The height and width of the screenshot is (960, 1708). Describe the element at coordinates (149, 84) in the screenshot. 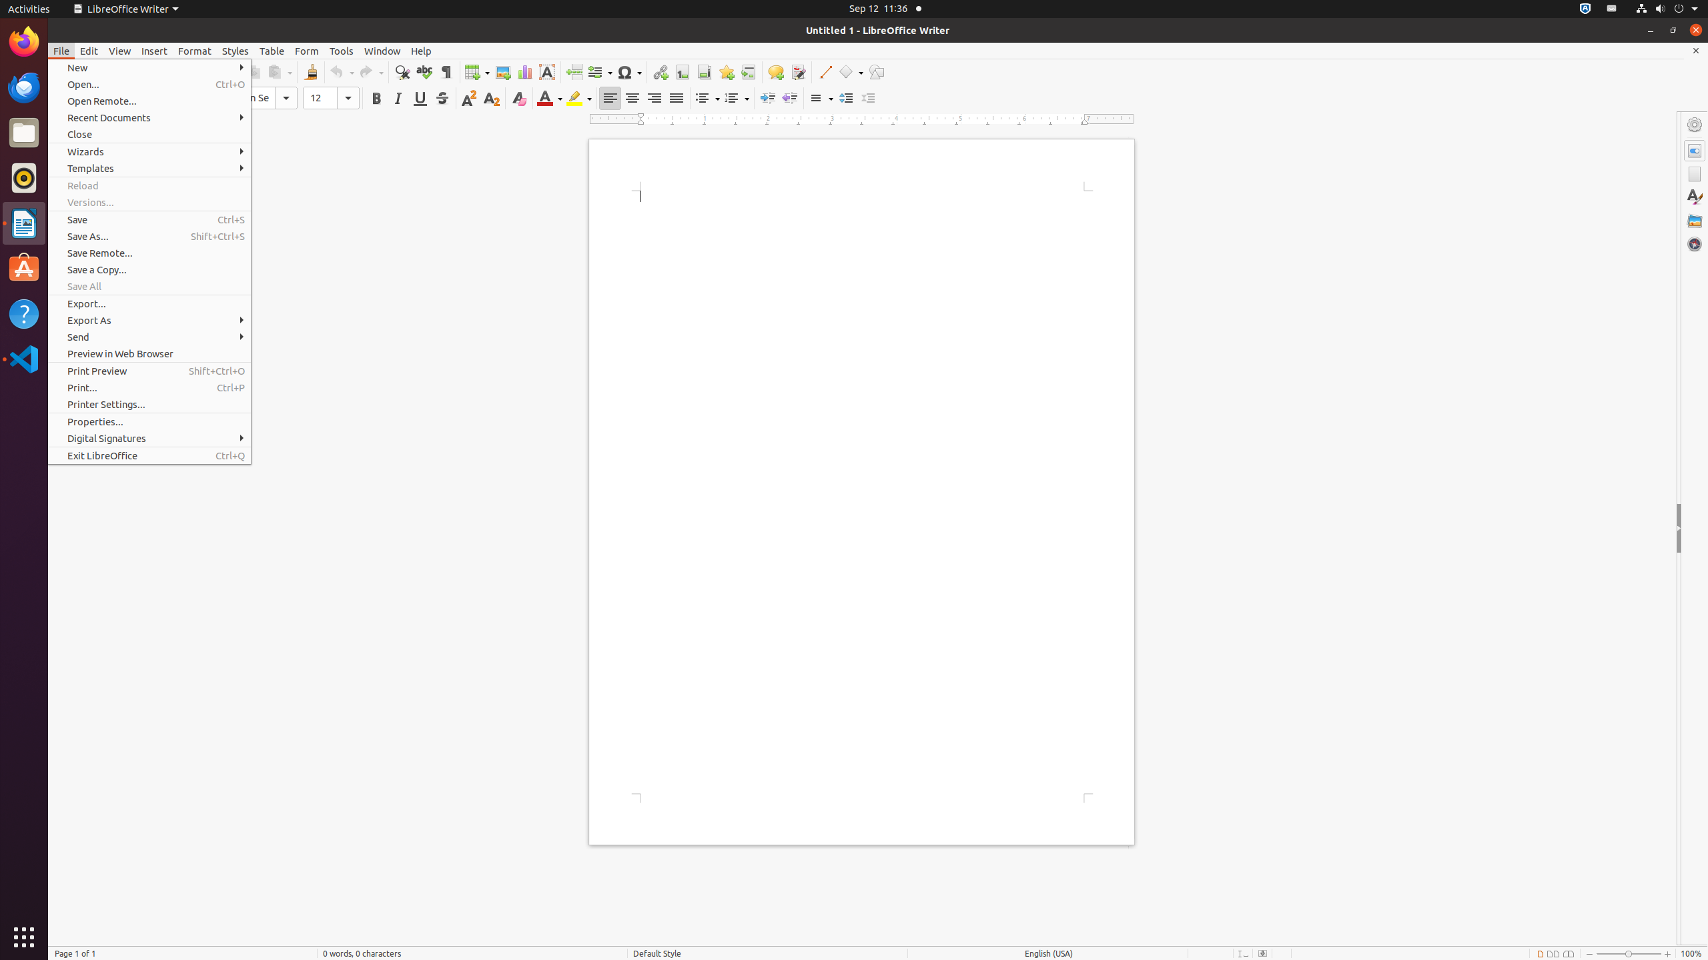

I see `'Open...'` at that location.